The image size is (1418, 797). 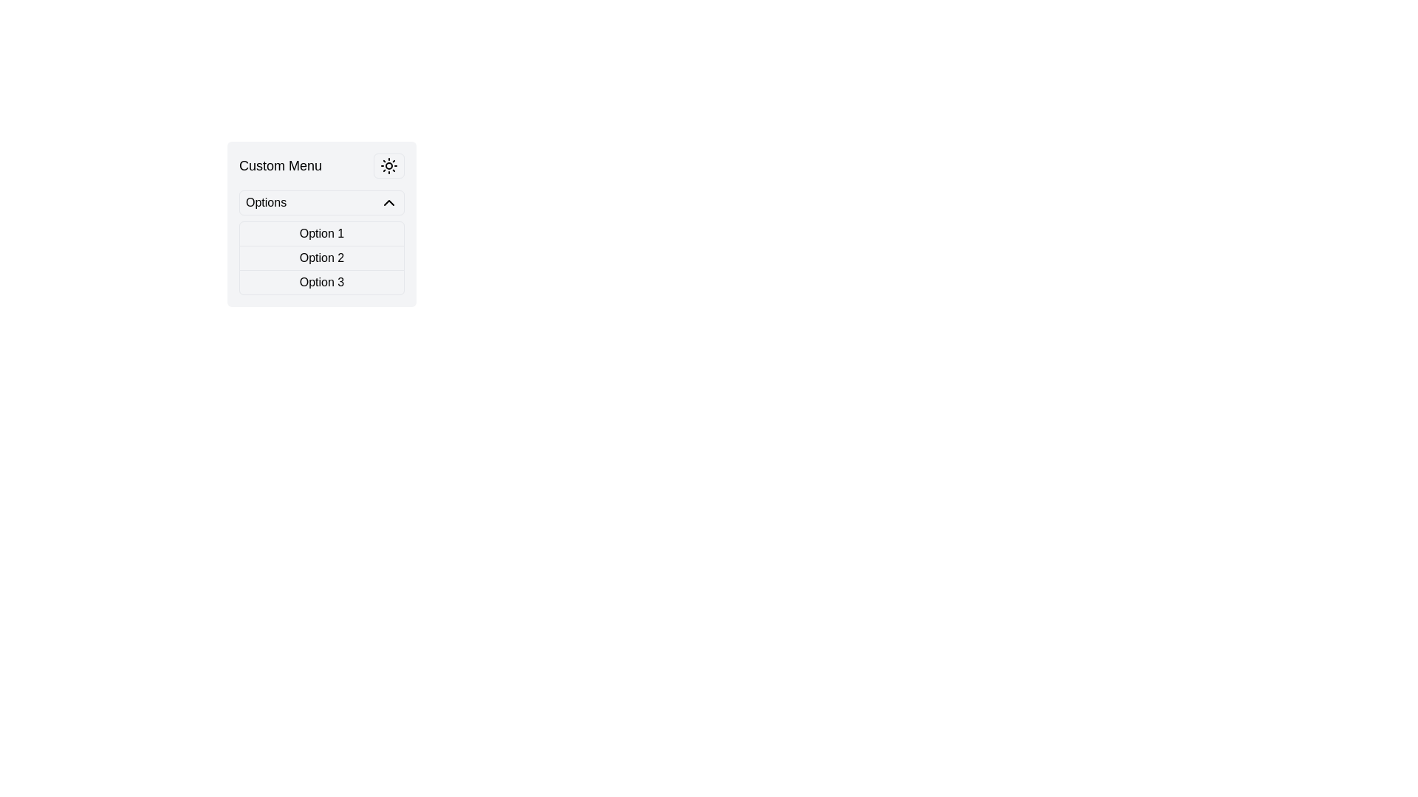 What do you see at coordinates (321, 241) in the screenshot?
I see `an option in the dropdown menu labeled 'Custom Menu' located beneath the 'Options' dropdown` at bounding box center [321, 241].